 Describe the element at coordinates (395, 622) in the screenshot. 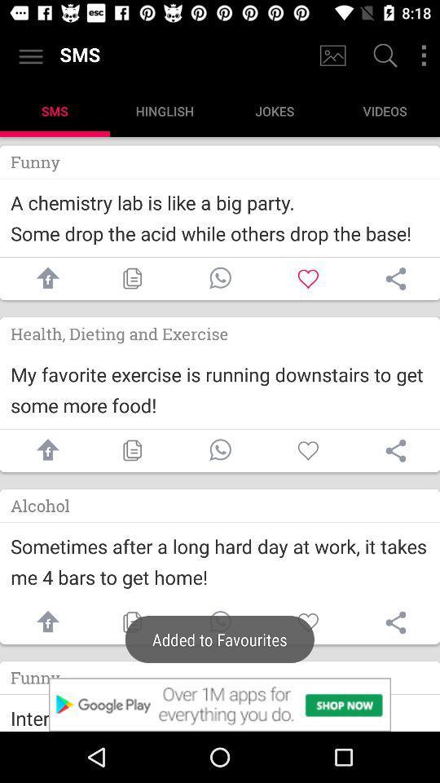

I see `share the article` at that location.